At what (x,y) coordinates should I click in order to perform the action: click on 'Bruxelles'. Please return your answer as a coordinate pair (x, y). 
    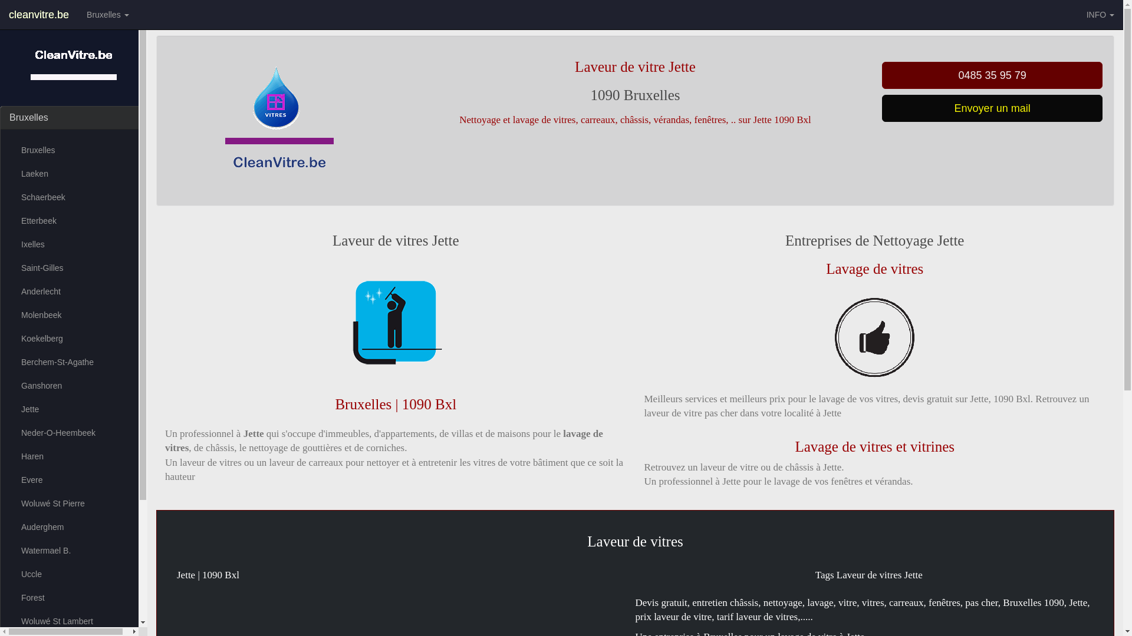
    Looking at the image, I should click on (107, 14).